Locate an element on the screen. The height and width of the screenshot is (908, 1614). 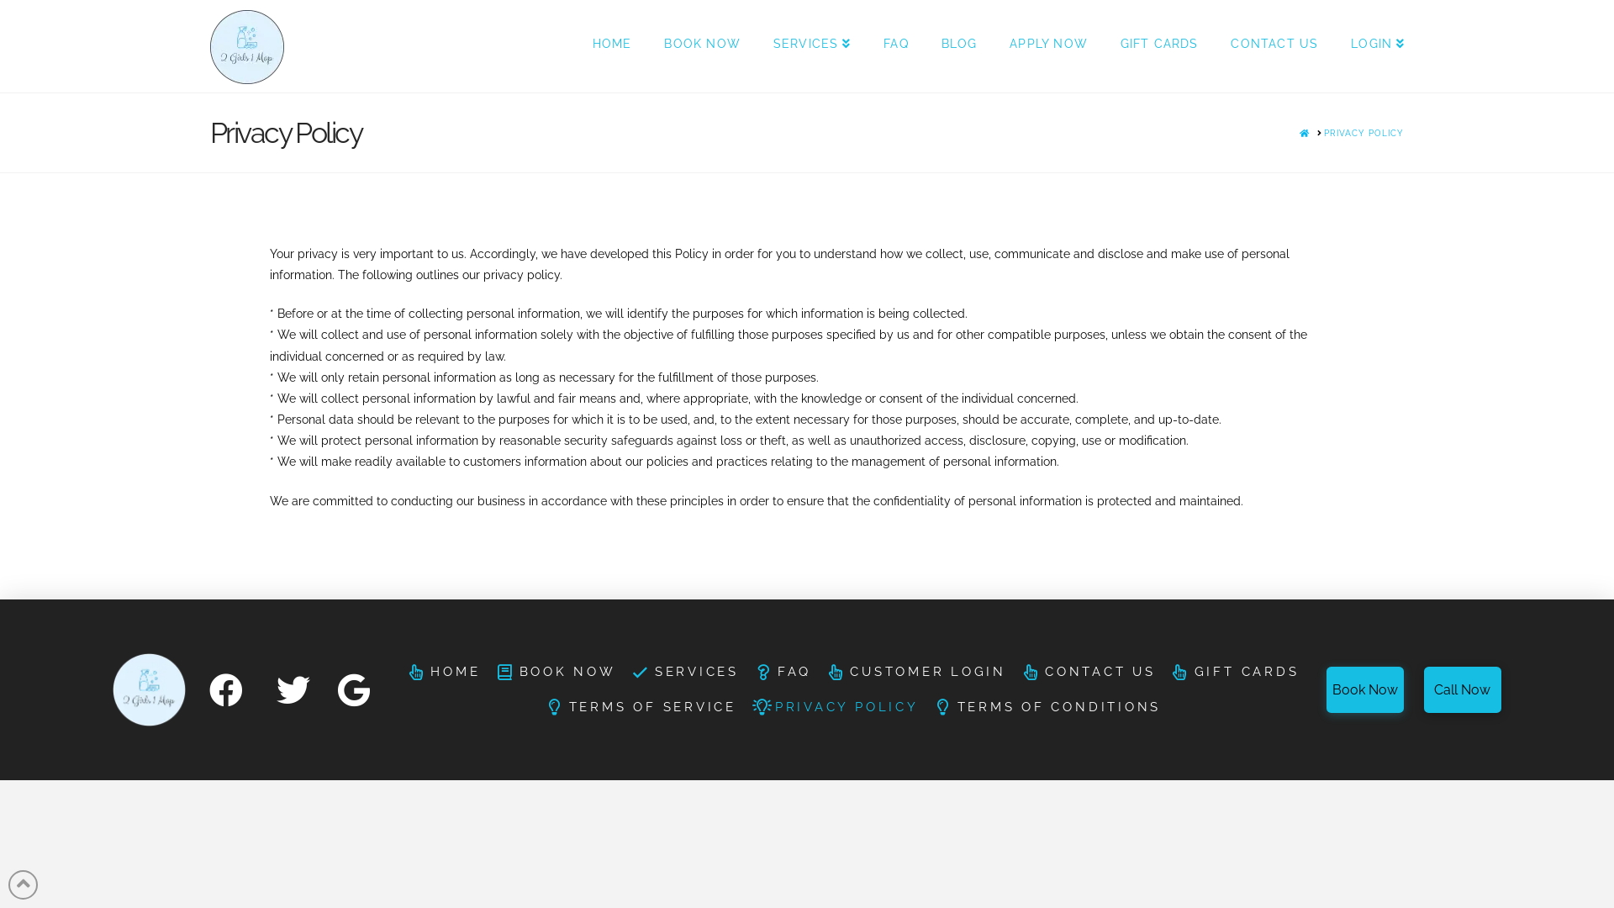
'PRIVACY POLICY' is located at coordinates (1363, 132).